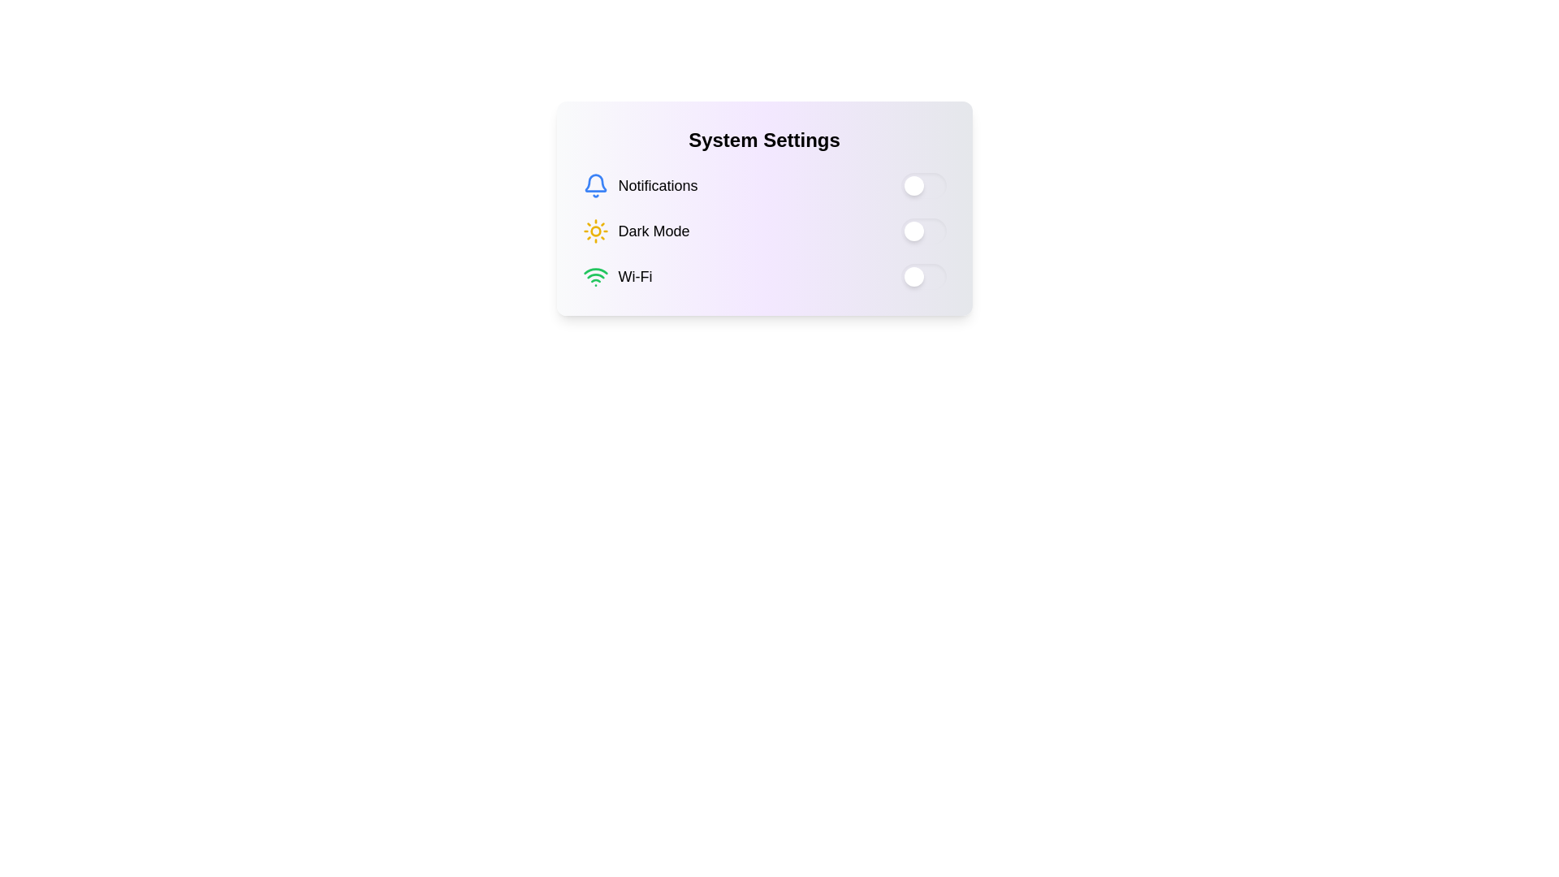 The height and width of the screenshot is (877, 1559). I want to click on the toggle switch handle located in the second toggle switch of the settings controls, so click(913, 231).